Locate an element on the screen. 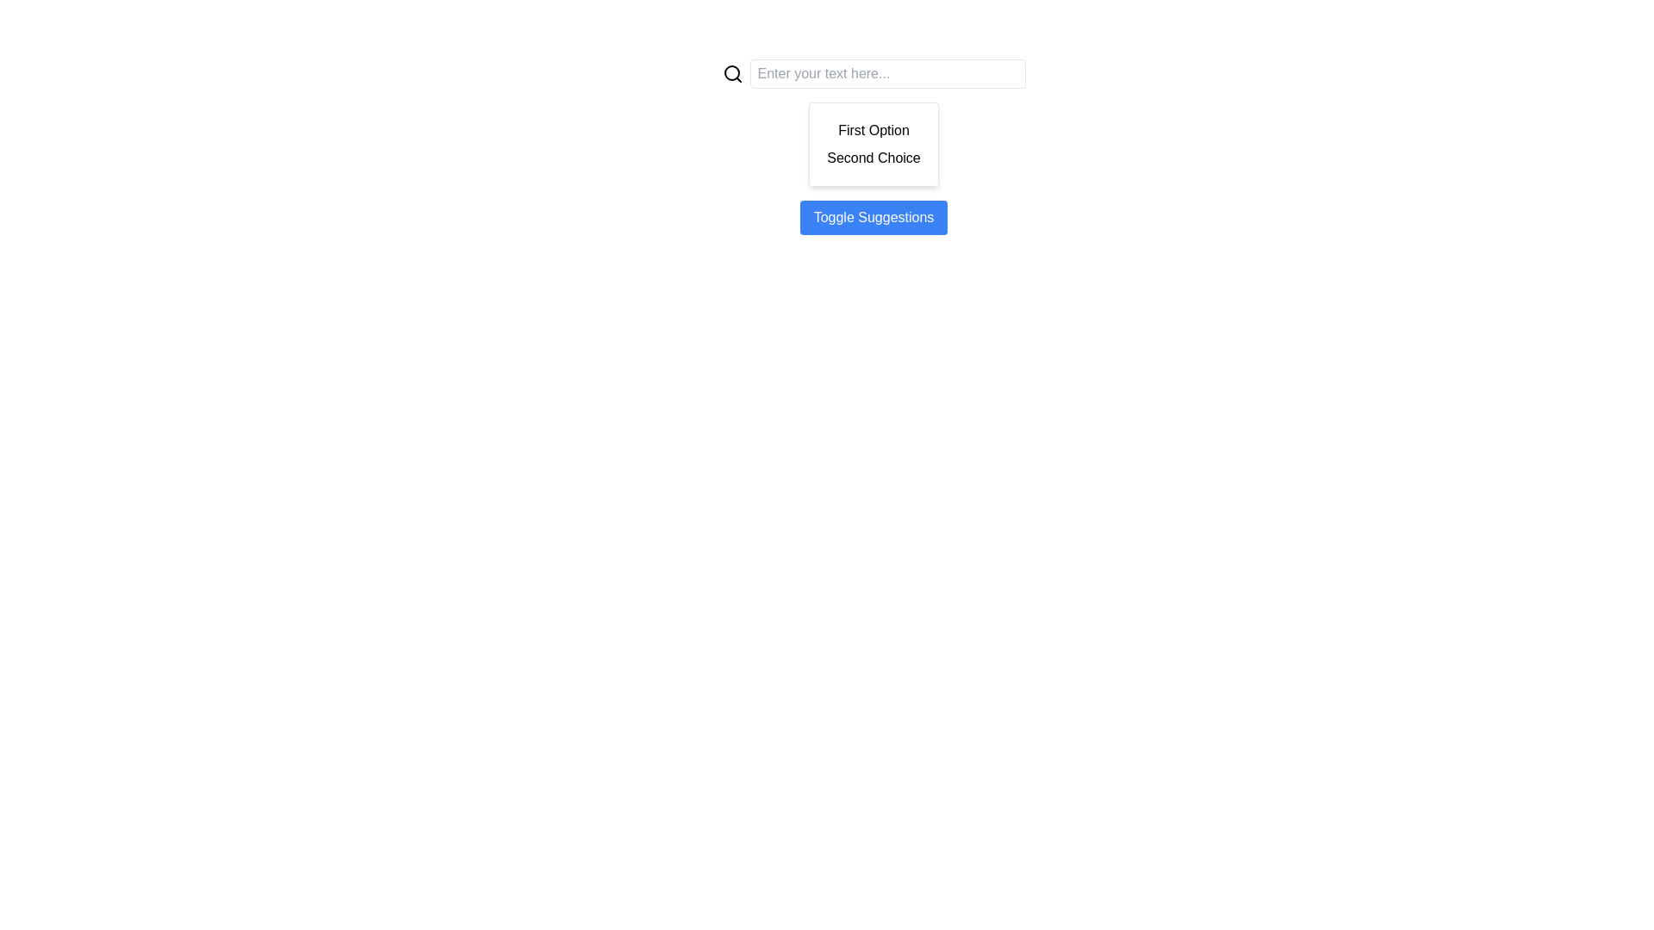 This screenshot has height=930, width=1654. the 'Second Choice' list item is located at coordinates (874, 158).